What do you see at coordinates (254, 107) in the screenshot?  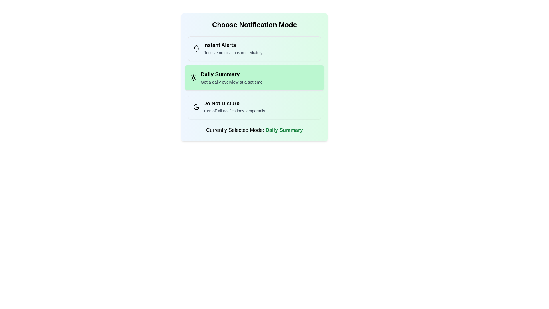 I see `the 'Do Not Disturb' selectable option which has a light green background, rounded corners, a crescent moon icon, and is the last option in the notification modes list` at bounding box center [254, 107].